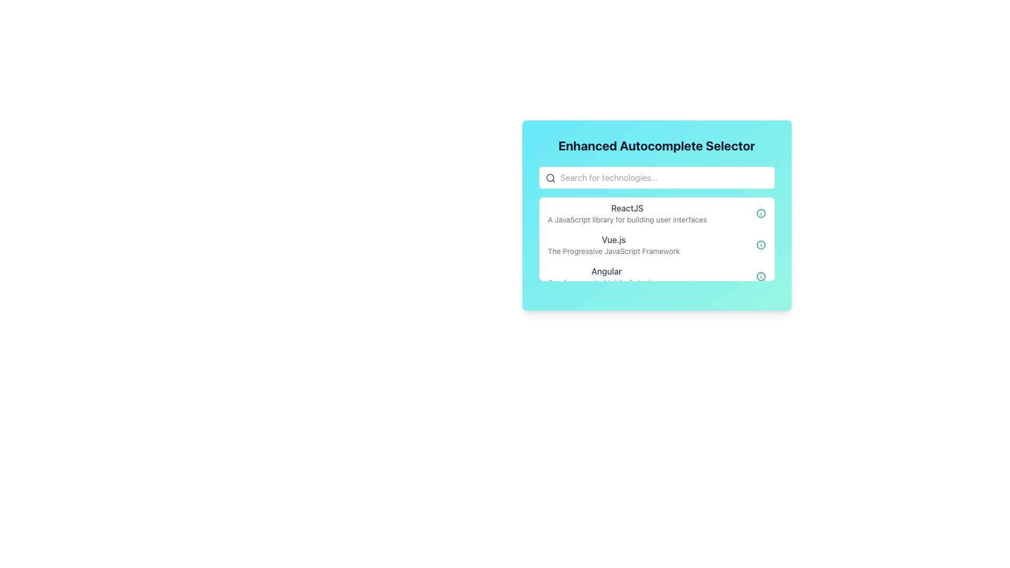 The width and height of the screenshot is (1010, 568). Describe the element at coordinates (613, 239) in the screenshot. I see `the text label that reads 'Vue.js', which is located between 'ReactJS' and 'Angular' in a vertical list of technologies` at that location.